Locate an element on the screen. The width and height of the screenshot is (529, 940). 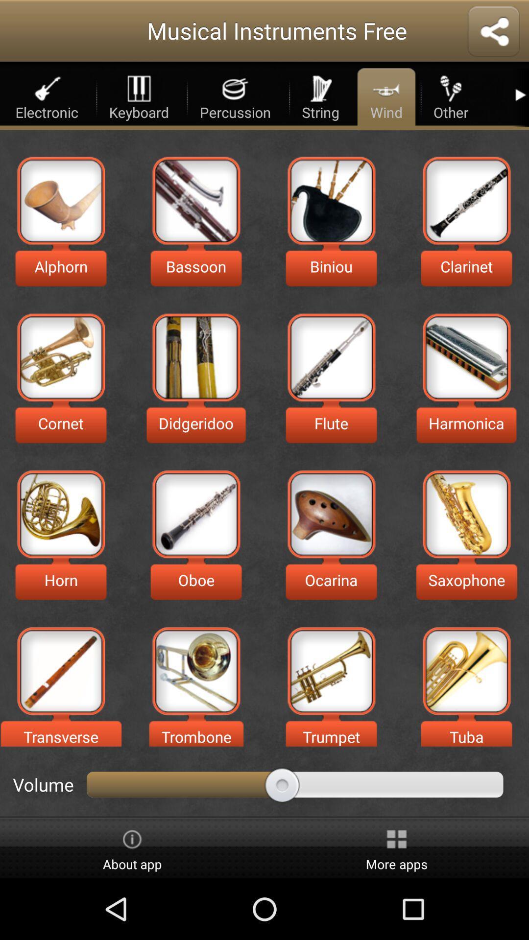
trombone is located at coordinates (196, 670).